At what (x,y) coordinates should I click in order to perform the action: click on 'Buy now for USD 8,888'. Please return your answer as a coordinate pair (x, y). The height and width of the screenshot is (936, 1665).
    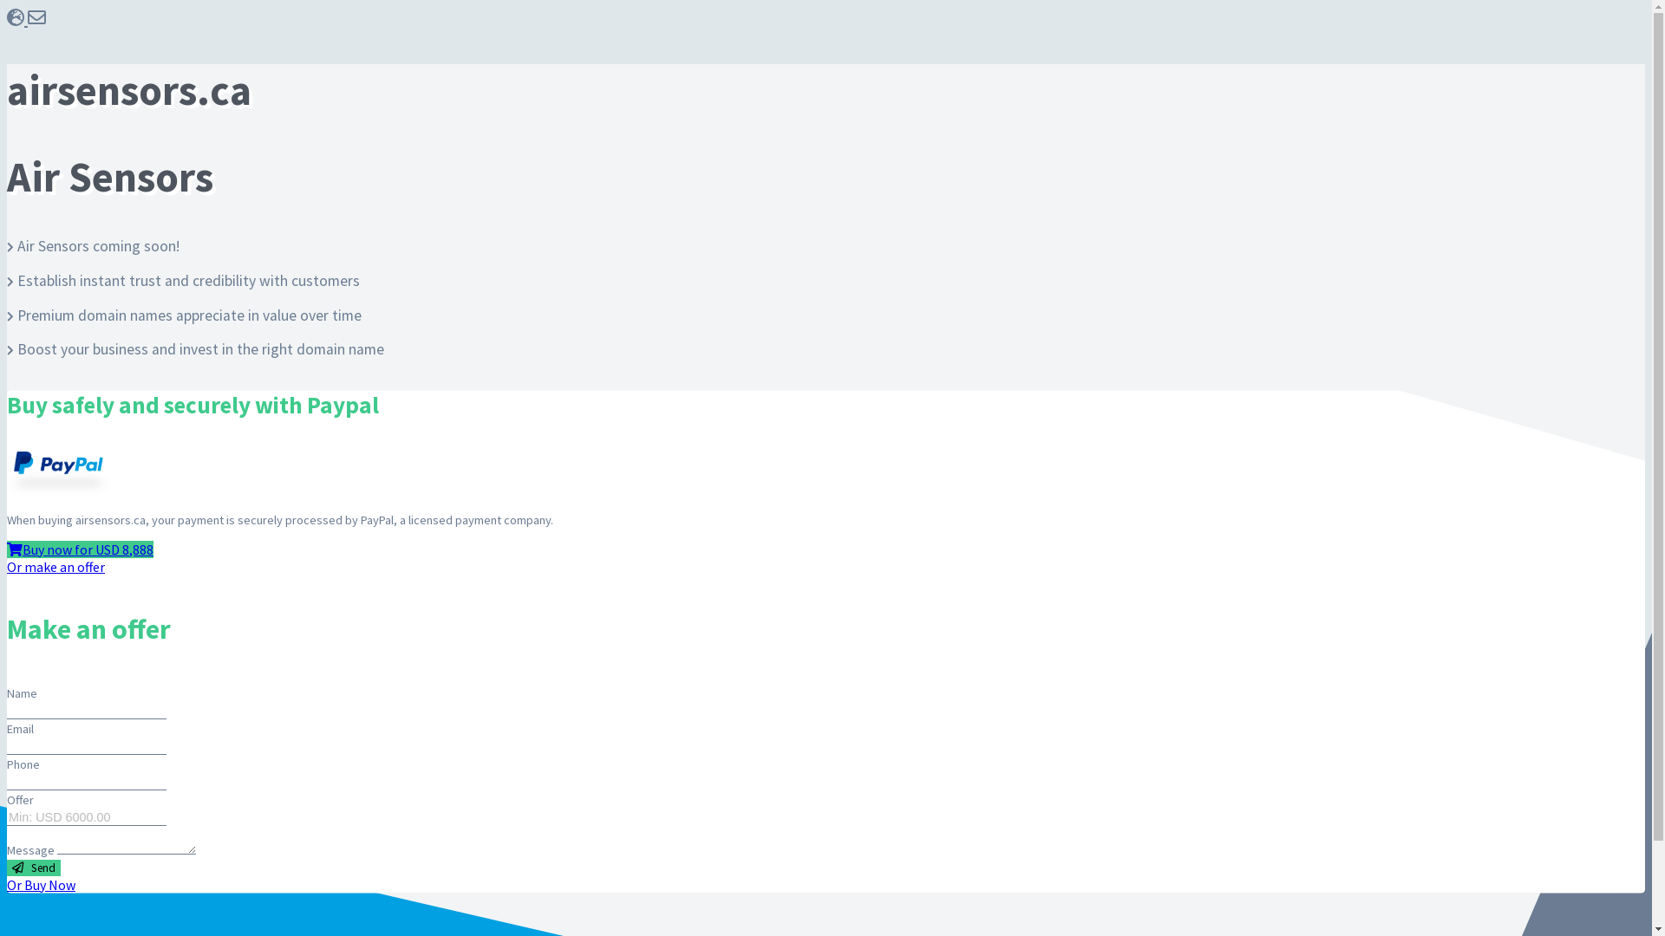
    Looking at the image, I should click on (79, 549).